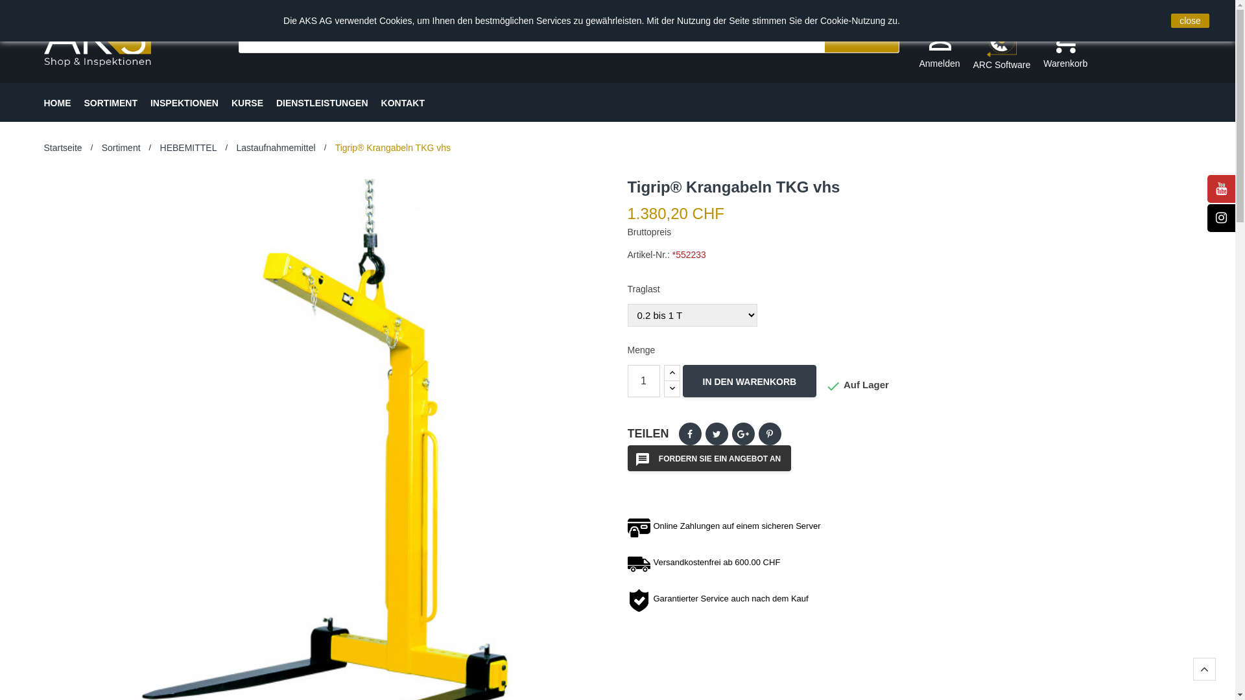 The image size is (1245, 700). What do you see at coordinates (973, 47) in the screenshot?
I see `'ARC Software'` at bounding box center [973, 47].